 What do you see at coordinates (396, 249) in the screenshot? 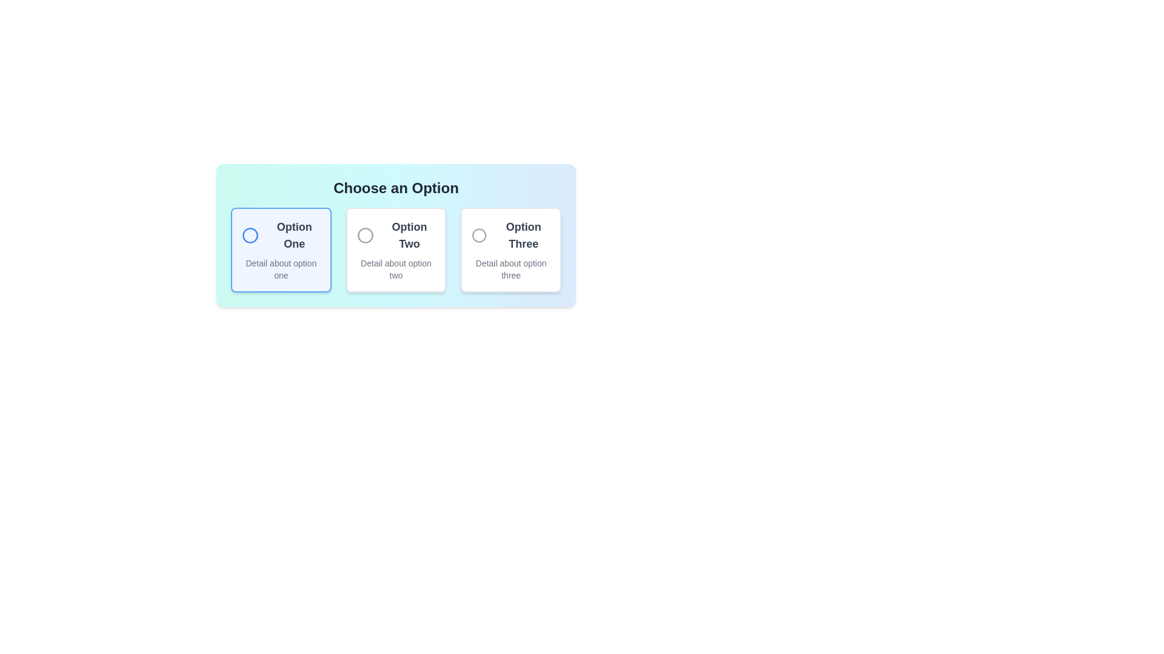
I see `the 'Option Two' selectable card` at bounding box center [396, 249].